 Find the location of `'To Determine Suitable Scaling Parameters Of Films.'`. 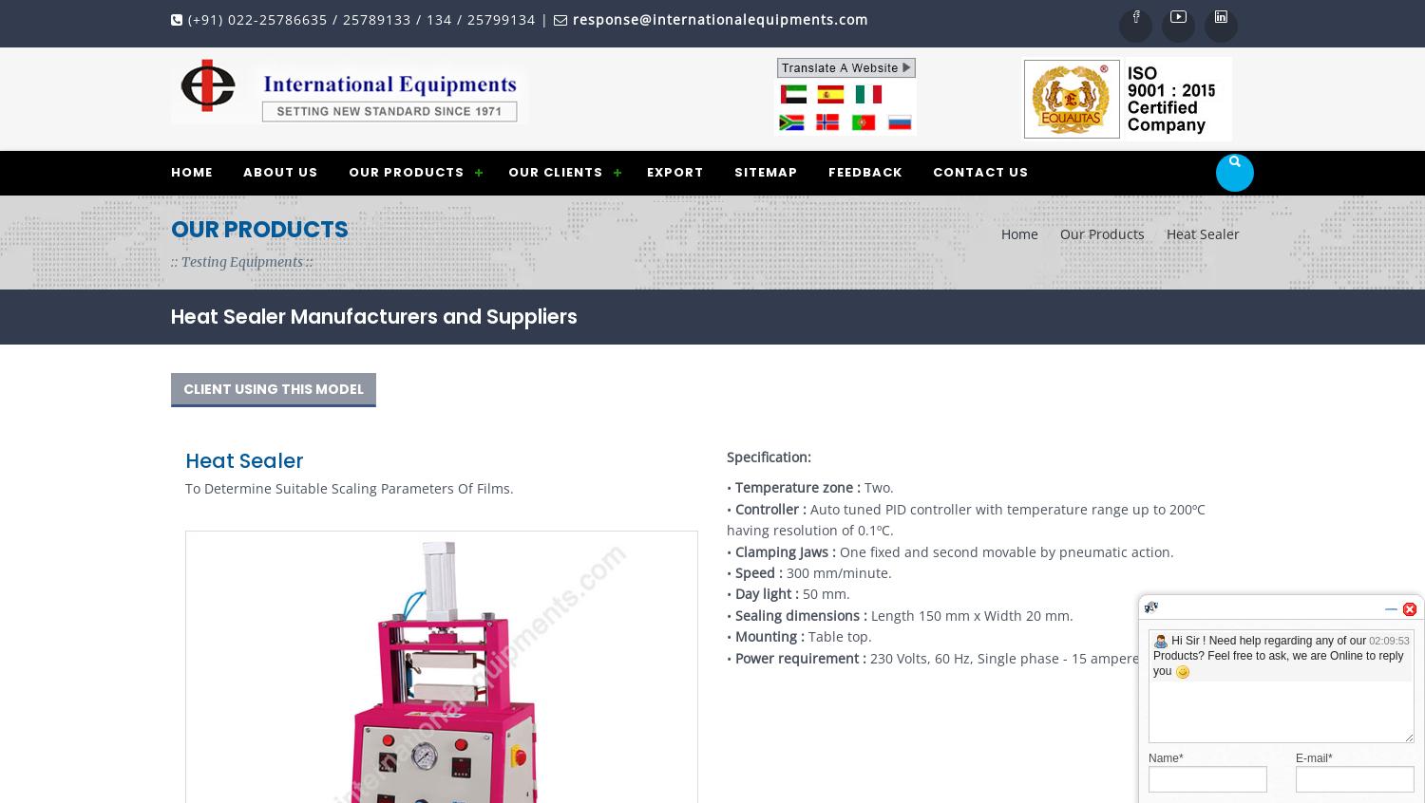

'To Determine Suitable Scaling Parameters Of Films.' is located at coordinates (348, 488).